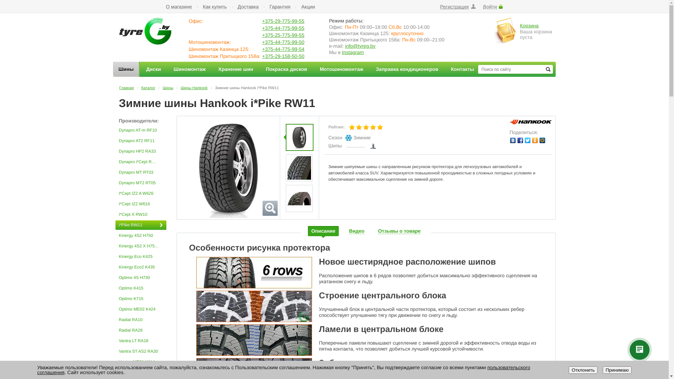 Image resolution: width=674 pixels, height=379 pixels. What do you see at coordinates (283, 35) in the screenshot?
I see `'+375-25-775-99-55'` at bounding box center [283, 35].